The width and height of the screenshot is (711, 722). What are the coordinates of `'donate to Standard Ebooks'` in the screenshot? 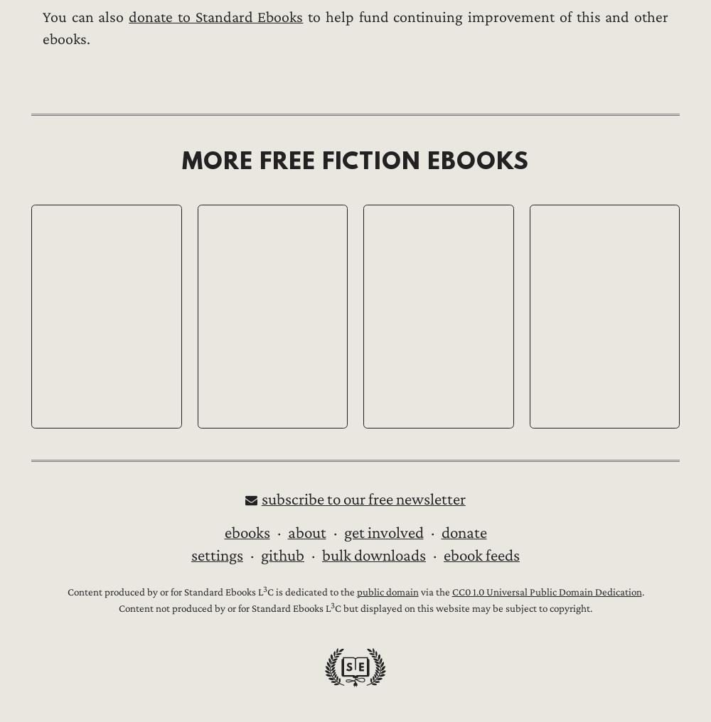 It's located at (215, 16).